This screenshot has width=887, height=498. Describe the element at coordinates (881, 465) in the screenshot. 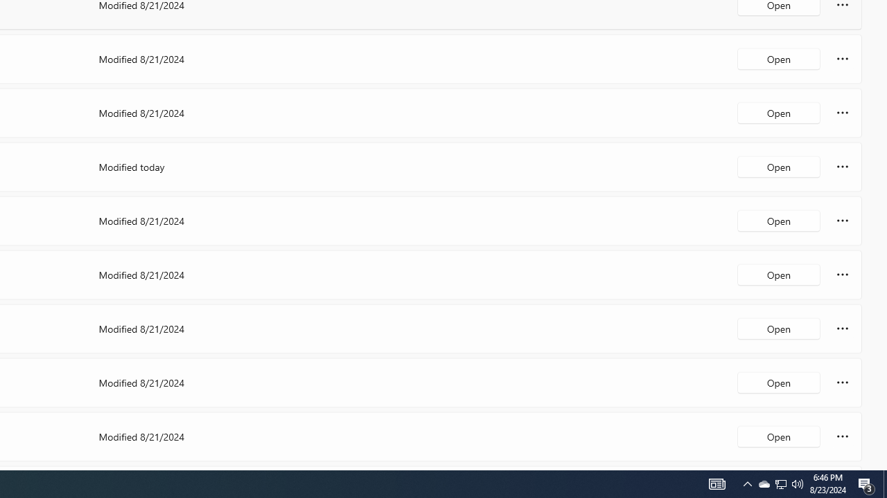

I see `'Vertical Small Increase'` at that location.